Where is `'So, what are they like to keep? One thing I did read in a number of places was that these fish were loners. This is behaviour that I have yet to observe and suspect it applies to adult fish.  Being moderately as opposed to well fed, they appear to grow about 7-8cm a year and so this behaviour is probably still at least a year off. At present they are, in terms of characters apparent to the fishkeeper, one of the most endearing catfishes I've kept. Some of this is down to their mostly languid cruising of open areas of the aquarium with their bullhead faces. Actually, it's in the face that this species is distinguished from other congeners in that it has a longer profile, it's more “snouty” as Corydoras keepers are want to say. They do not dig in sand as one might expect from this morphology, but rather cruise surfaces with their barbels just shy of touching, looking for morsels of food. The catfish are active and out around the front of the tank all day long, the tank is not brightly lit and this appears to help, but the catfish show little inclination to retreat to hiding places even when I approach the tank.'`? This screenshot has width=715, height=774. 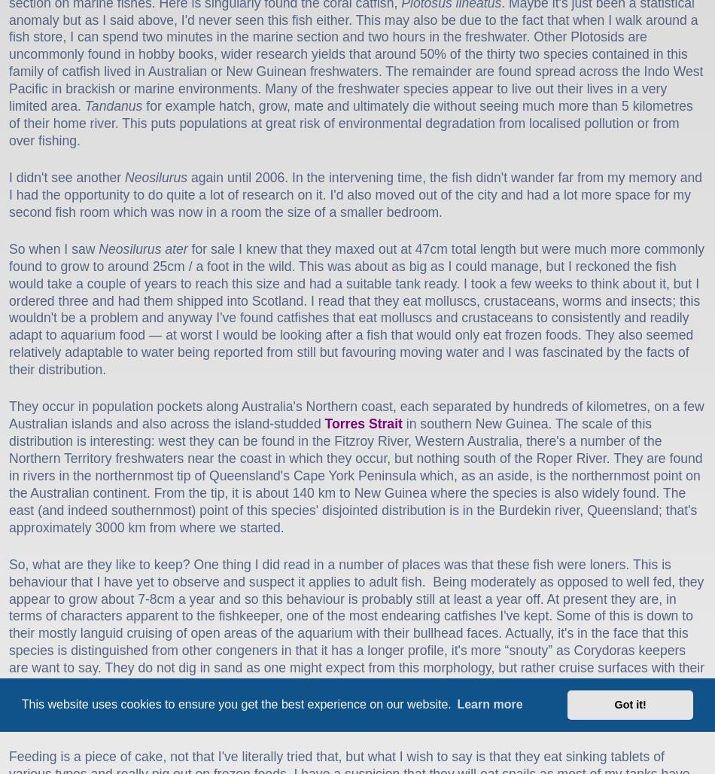
'So, what are they like to keep? One thing I did read in a number of places was that these fish were loners. This is behaviour that I have yet to observe and suspect it applies to adult fish.  Being moderately as opposed to well fed, they appear to grow about 7-8cm a year and so this behaviour is probably still at least a year off. At present they are, in terms of characters apparent to the fishkeeper, one of the most endearing catfishes I've kept. Some of this is down to their mostly languid cruising of open areas of the aquarium with their bullhead faces. Actually, it's in the face that this species is distinguished from other congeners in that it has a longer profile, it's more “snouty” as Corydoras keepers are want to say. They do not dig in sand as one might expect from this morphology, but rather cruise surfaces with their barbels just shy of touching, looking for morsels of food. The catfish are active and out around the front of the tank all day long, the tank is not brightly lit and this appears to help, but the catfish show little inclination to retreat to hiding places even when I approach the tank.' is located at coordinates (8, 641).